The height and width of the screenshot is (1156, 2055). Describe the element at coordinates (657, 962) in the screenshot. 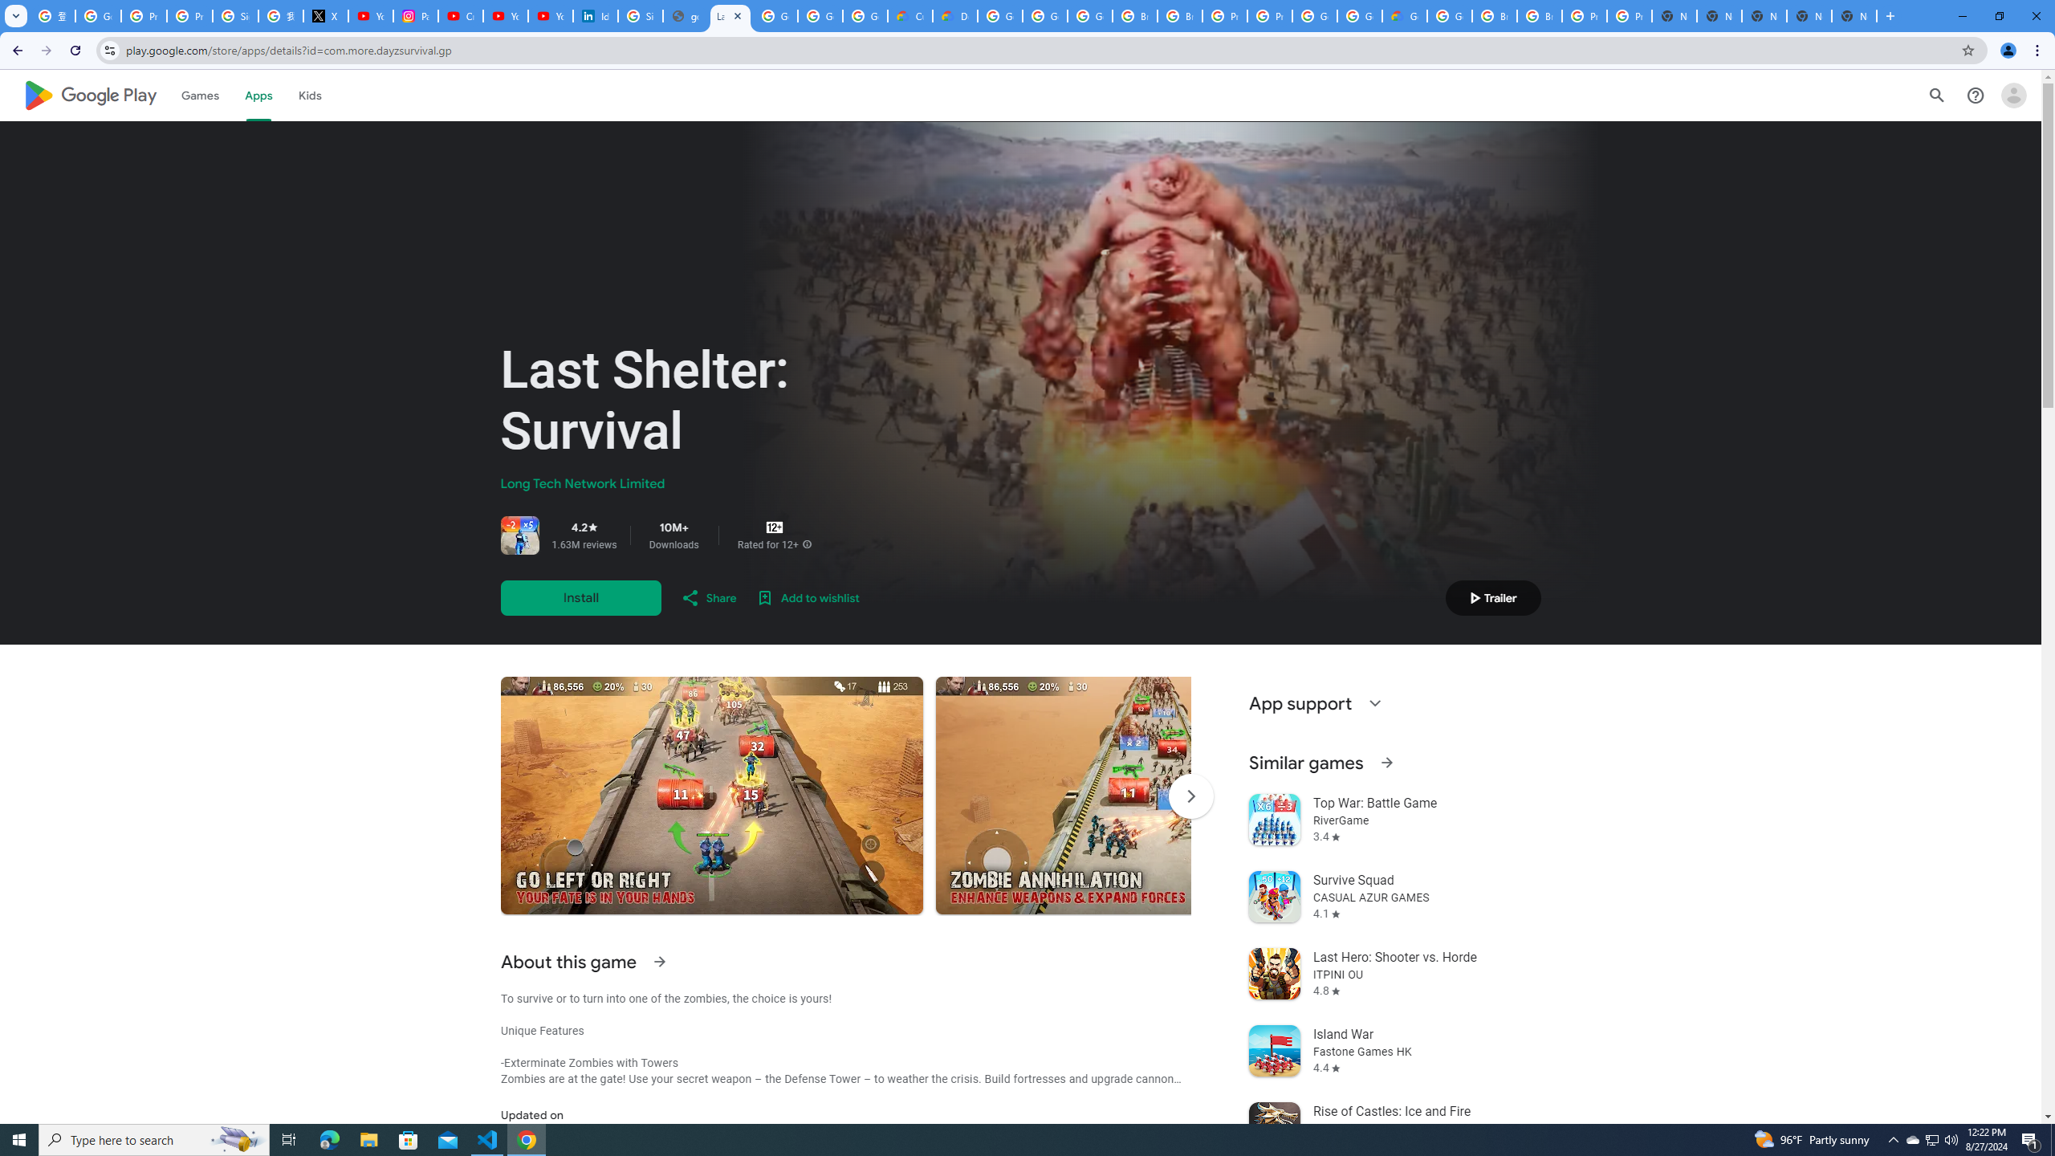

I see `'See more information on About this game'` at that location.